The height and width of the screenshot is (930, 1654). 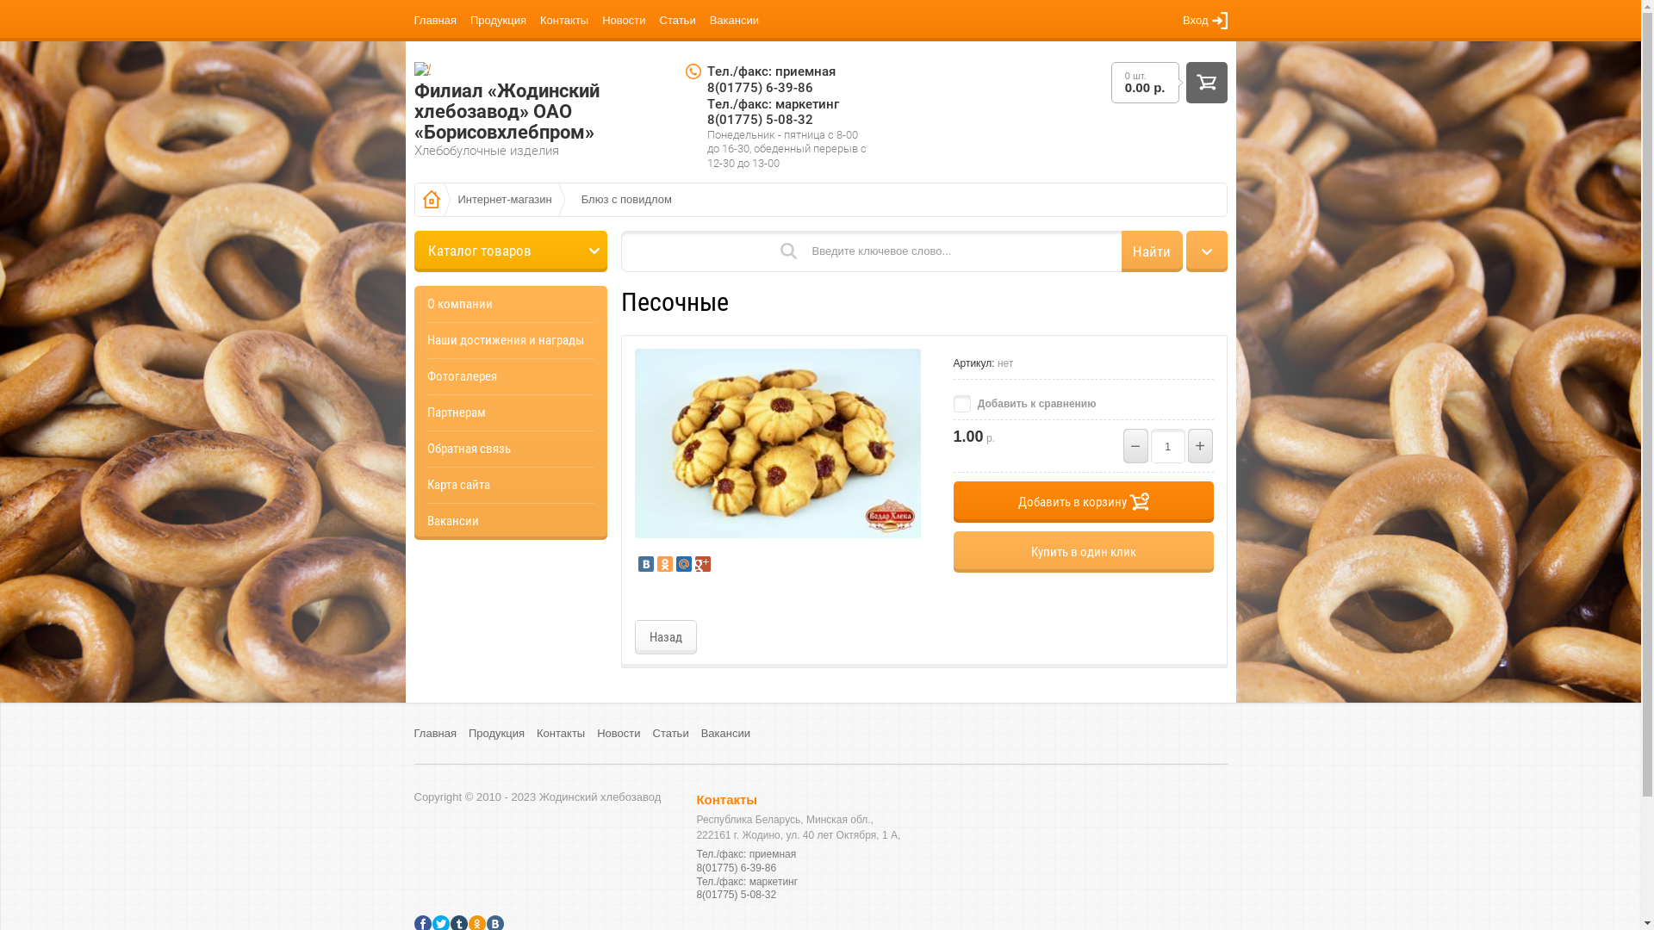 What do you see at coordinates (736, 867) in the screenshot?
I see `'8(01775) 6-39-86'` at bounding box center [736, 867].